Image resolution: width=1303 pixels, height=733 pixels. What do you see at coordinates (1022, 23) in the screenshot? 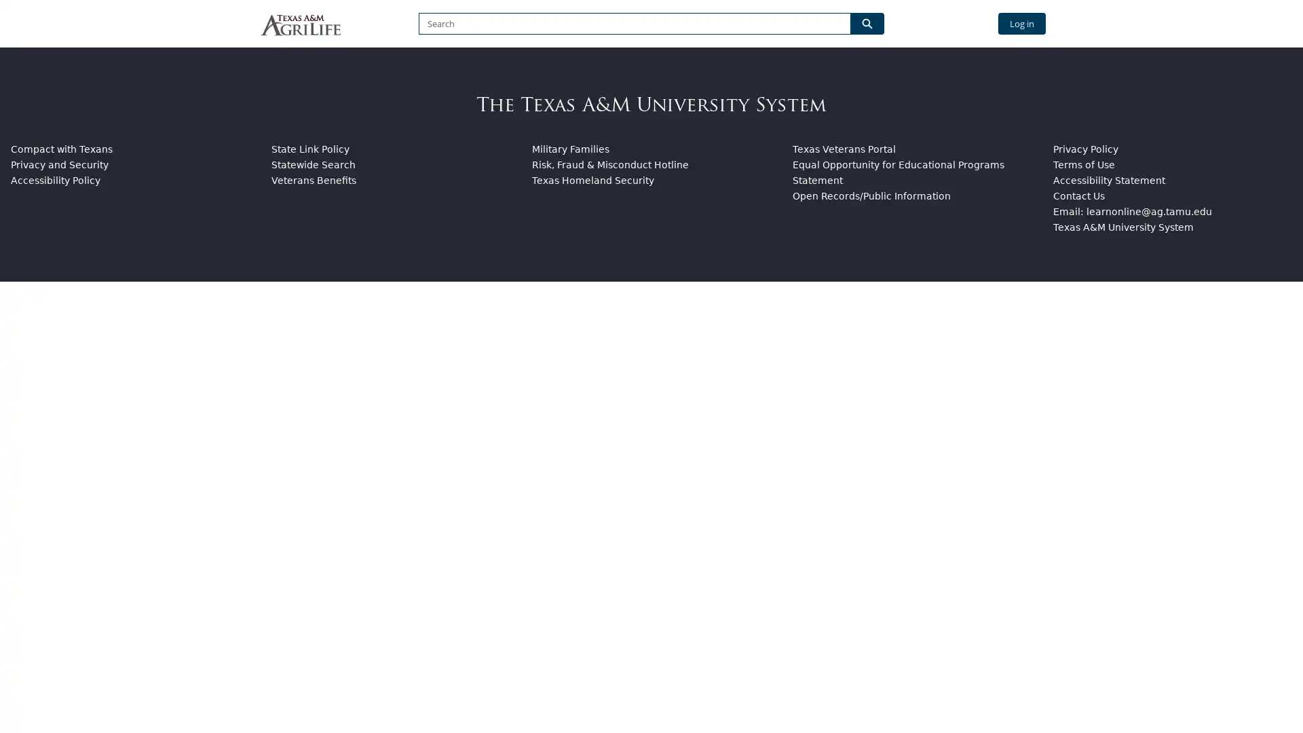
I see `Log in` at bounding box center [1022, 23].